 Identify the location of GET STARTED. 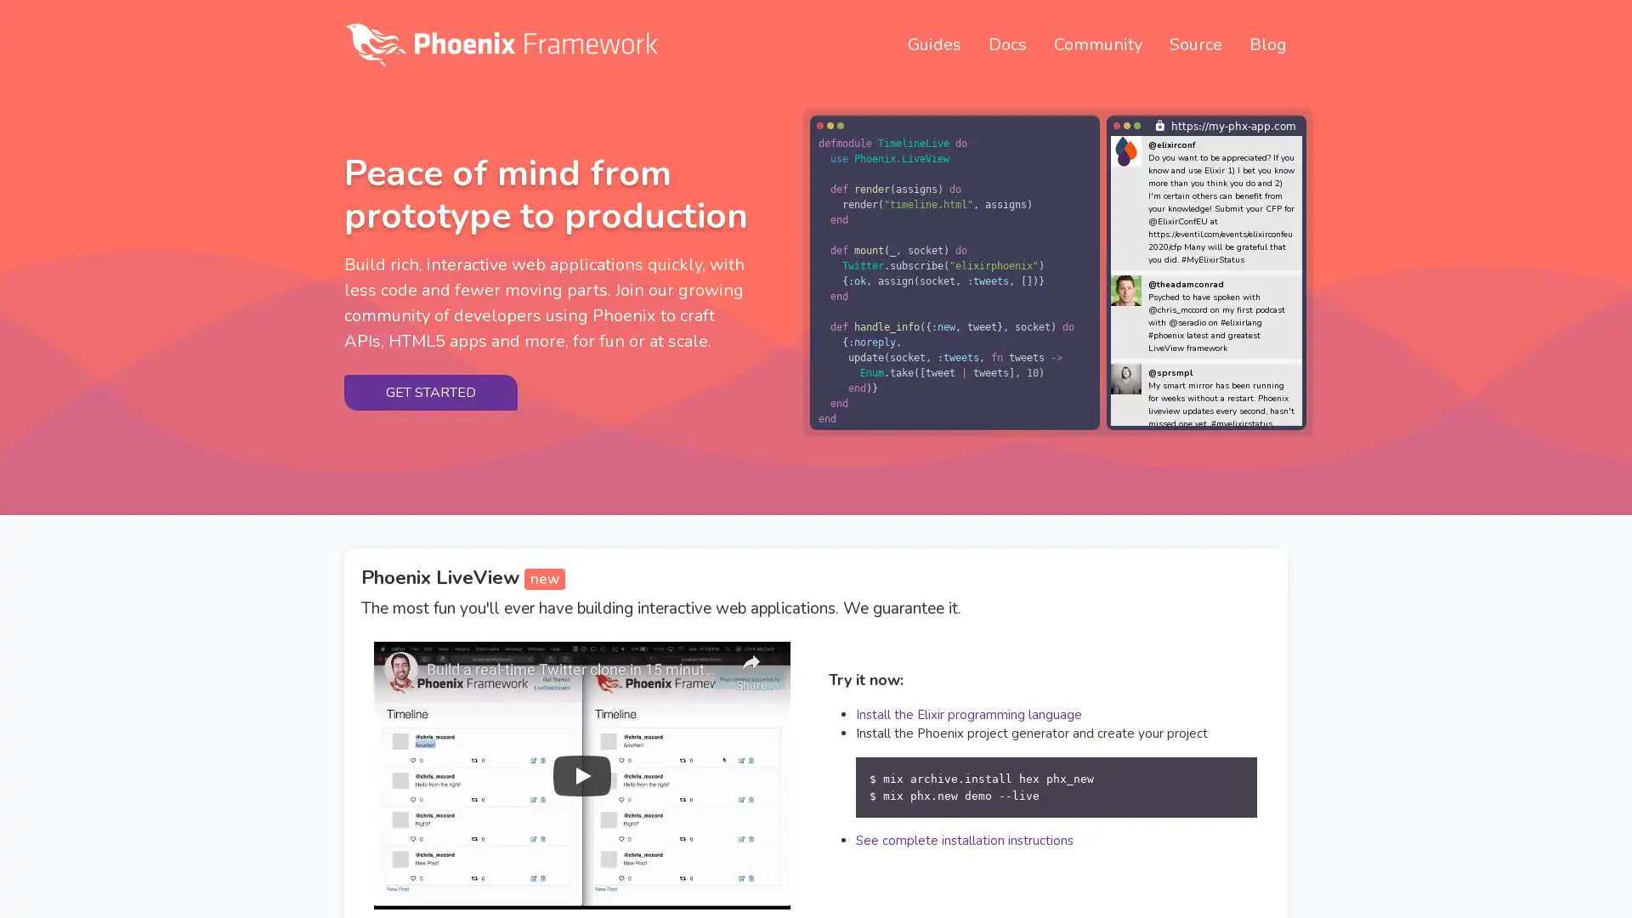
(431, 392).